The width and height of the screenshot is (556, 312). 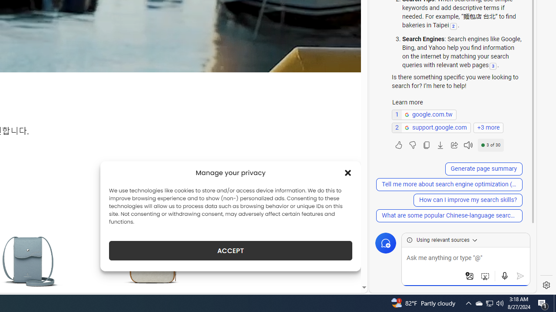 What do you see at coordinates (348, 172) in the screenshot?
I see `'Class: cmplz-close'` at bounding box center [348, 172].